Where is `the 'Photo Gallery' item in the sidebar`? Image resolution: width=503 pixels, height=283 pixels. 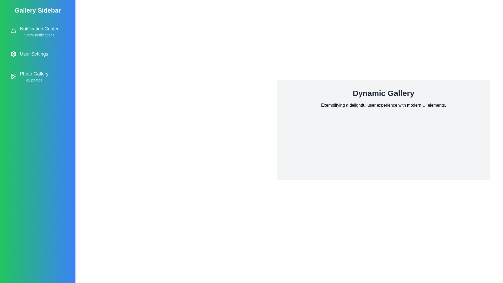 the 'Photo Gallery' item in the sidebar is located at coordinates (37, 77).